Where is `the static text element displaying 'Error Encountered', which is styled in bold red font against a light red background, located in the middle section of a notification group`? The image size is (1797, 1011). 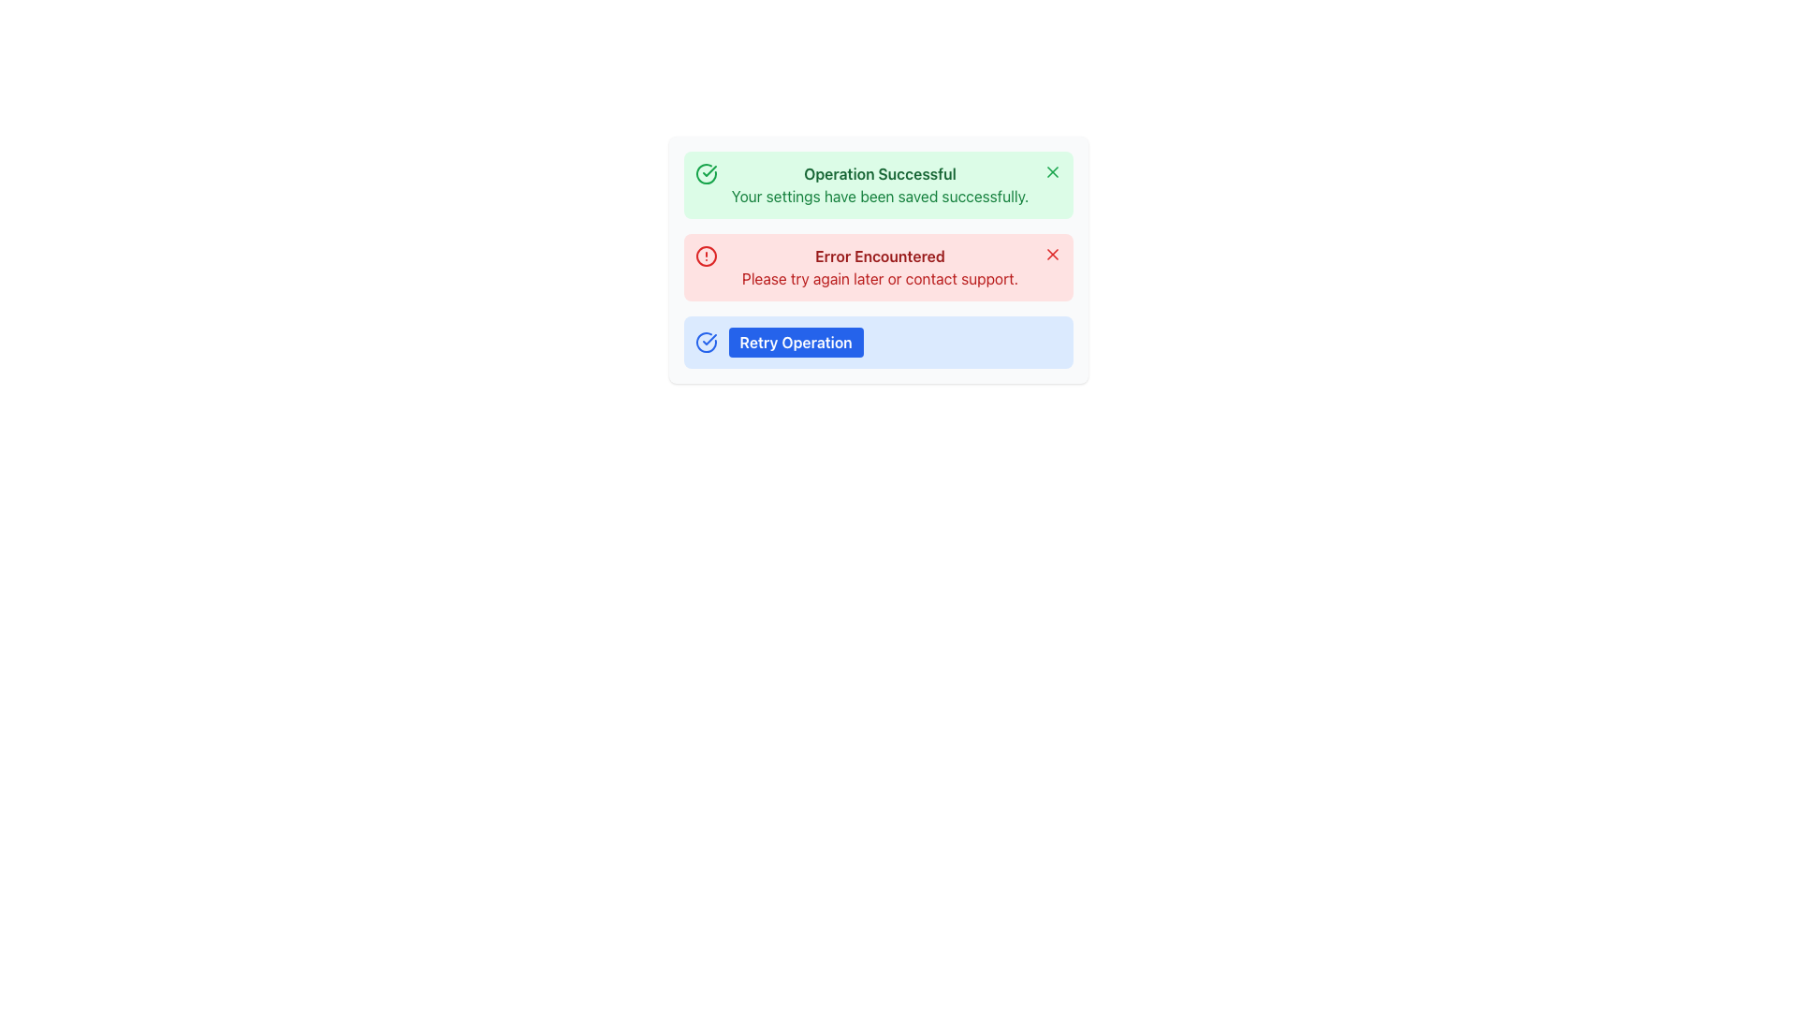
the static text element displaying 'Error Encountered', which is styled in bold red font against a light red background, located in the middle section of a notification group is located at coordinates (879, 256).